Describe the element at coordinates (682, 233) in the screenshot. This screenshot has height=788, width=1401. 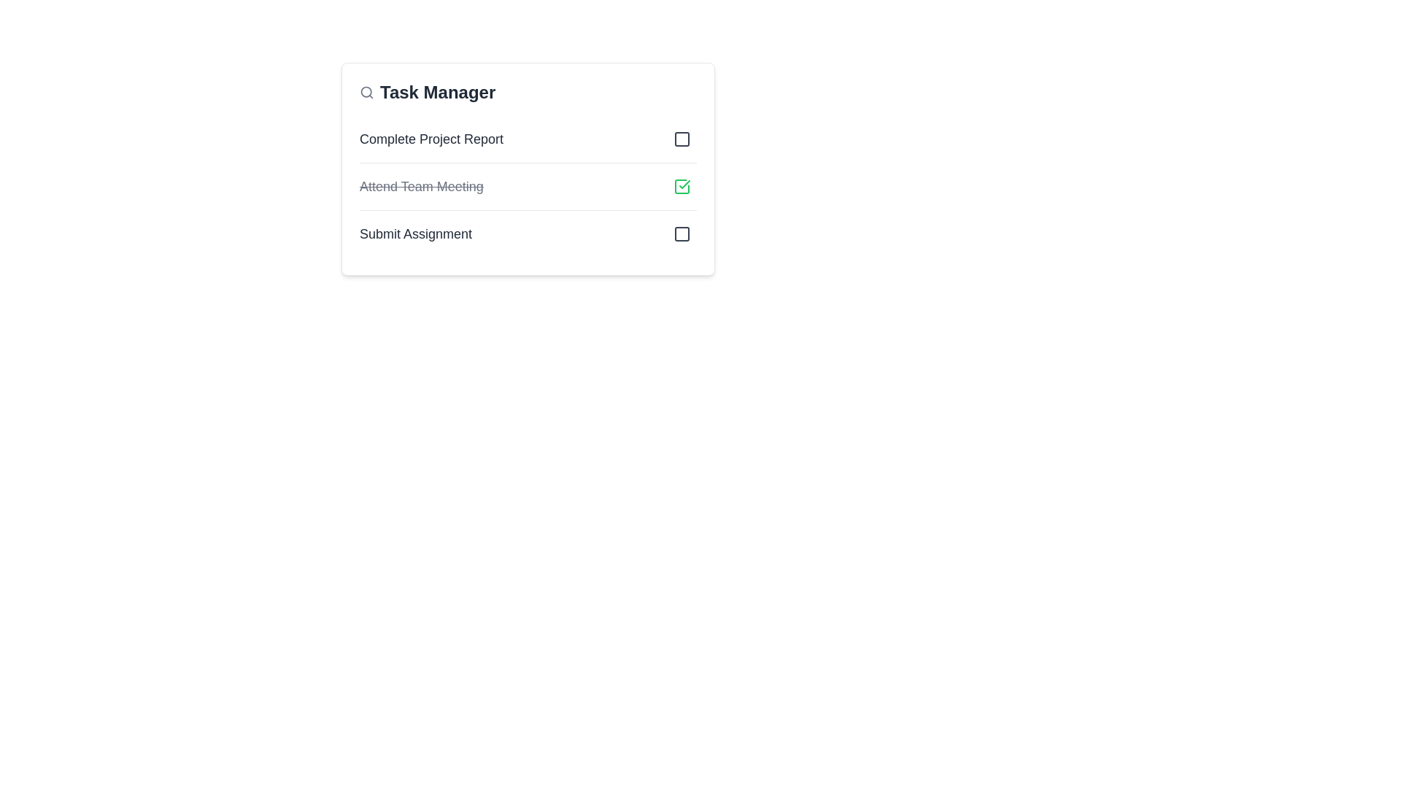
I see `the checkbox or toggle indicator for the 'Submit Assignment' task, which is the third icon in the Task Manager list` at that location.